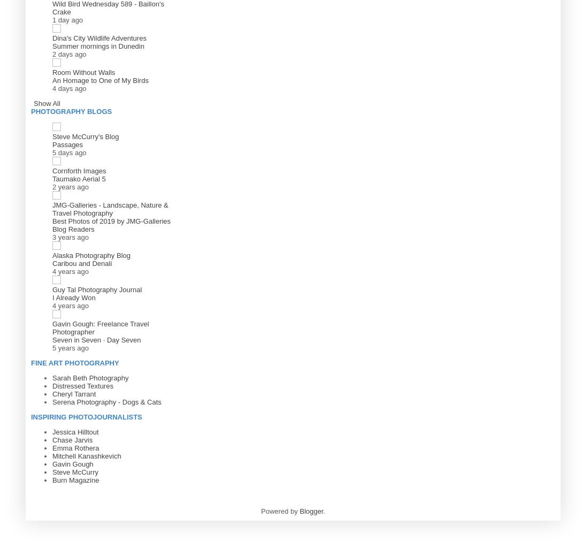 The height and width of the screenshot is (541, 582). I want to click on 'Cheryl Tarrant', so click(73, 393).